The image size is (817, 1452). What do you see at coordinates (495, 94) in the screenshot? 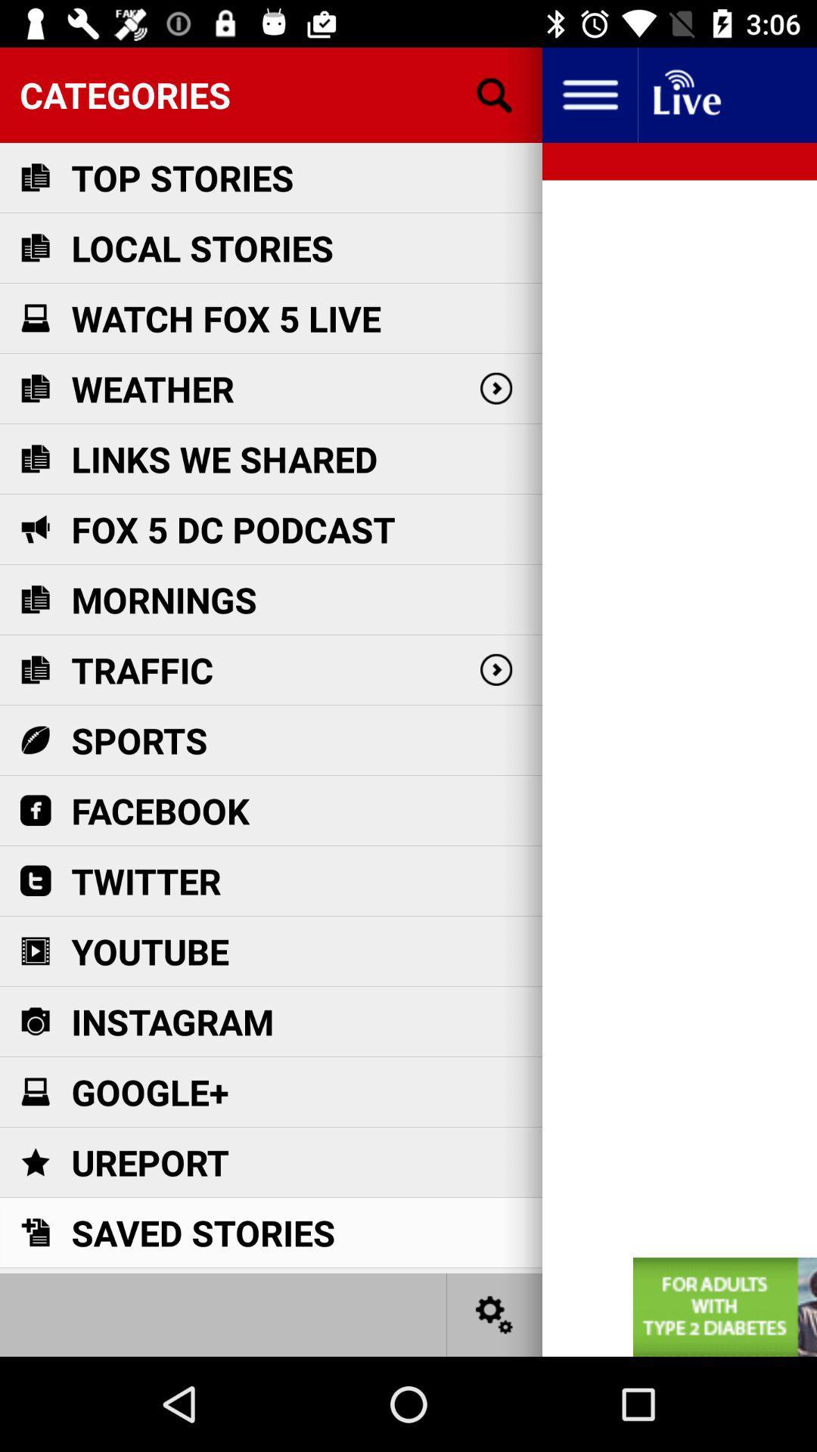
I see `the search icon` at bounding box center [495, 94].